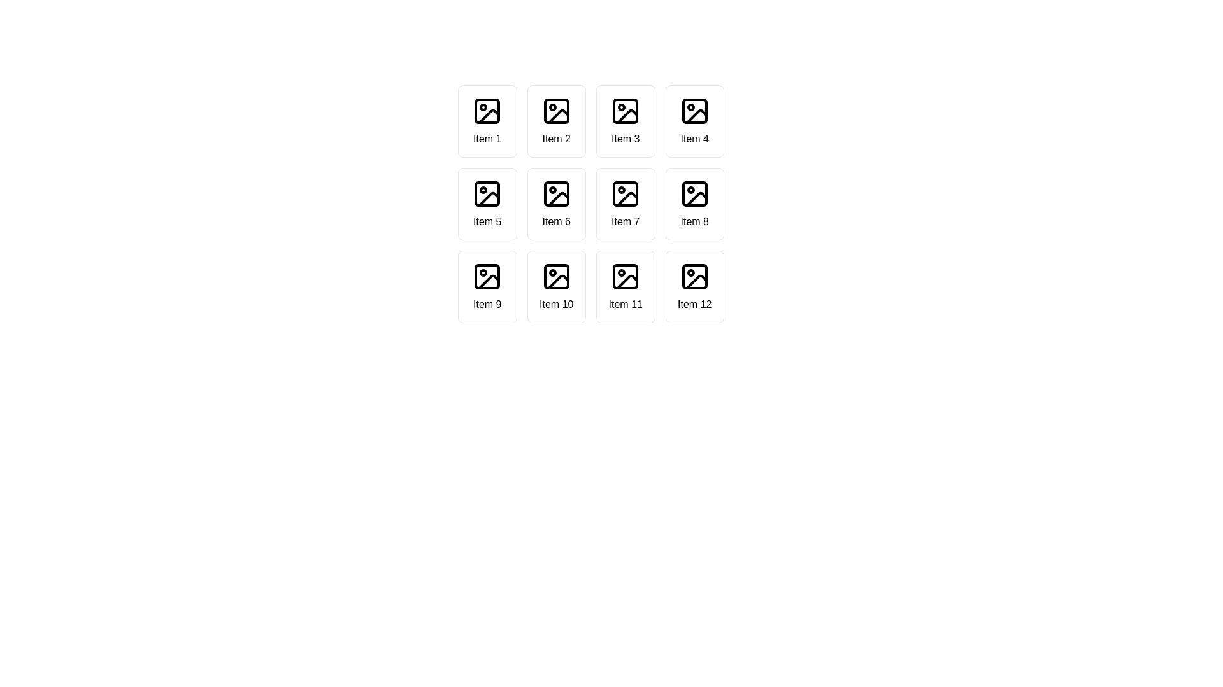 This screenshot has height=687, width=1223. What do you see at coordinates (487, 276) in the screenshot?
I see `the SVG rectangle element representing an image icon located in the first column of the third row within a grid layout` at bounding box center [487, 276].